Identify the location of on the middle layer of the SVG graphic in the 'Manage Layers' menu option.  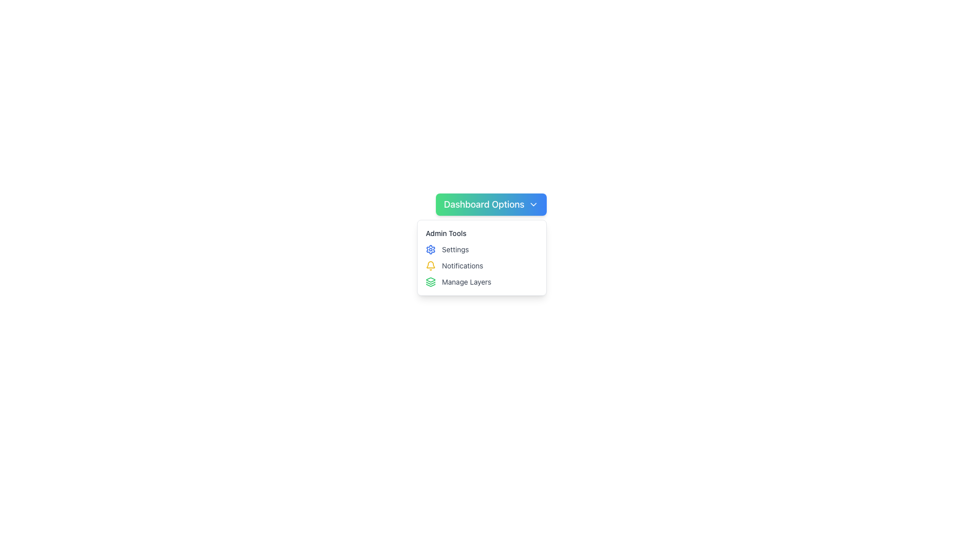
(430, 283).